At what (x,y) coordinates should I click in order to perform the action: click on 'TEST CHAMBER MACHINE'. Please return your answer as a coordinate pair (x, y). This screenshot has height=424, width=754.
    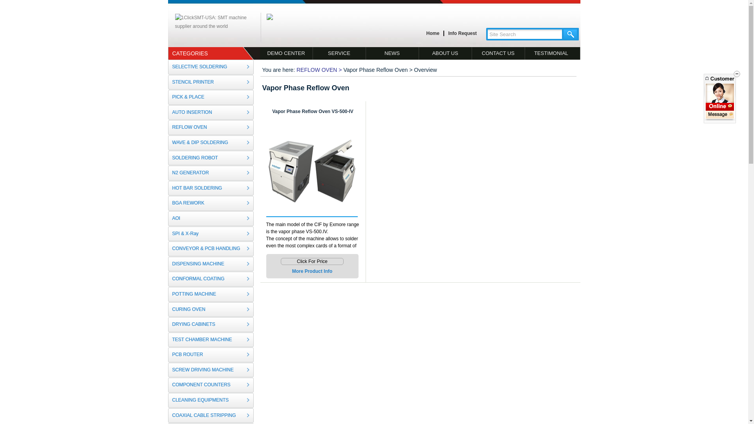
    Looking at the image, I should click on (211, 340).